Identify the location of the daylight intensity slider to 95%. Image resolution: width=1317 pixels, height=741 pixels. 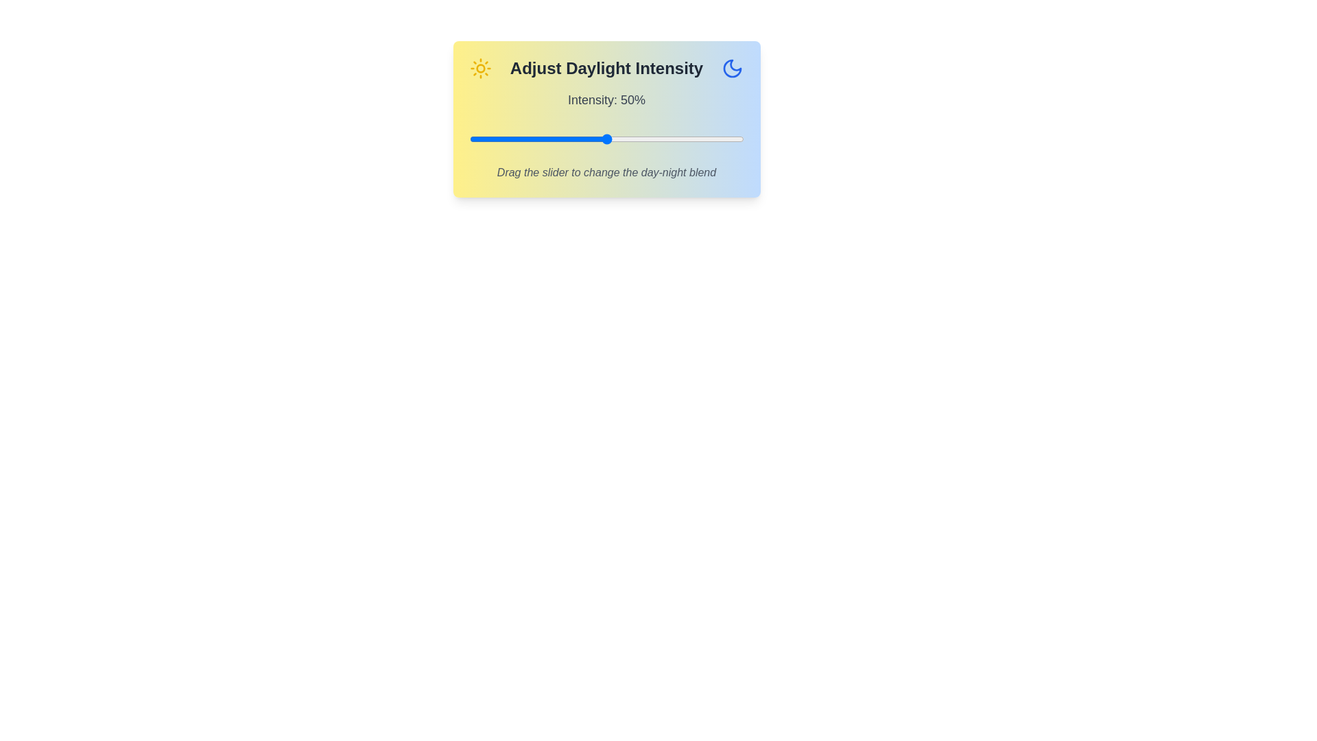
(729, 139).